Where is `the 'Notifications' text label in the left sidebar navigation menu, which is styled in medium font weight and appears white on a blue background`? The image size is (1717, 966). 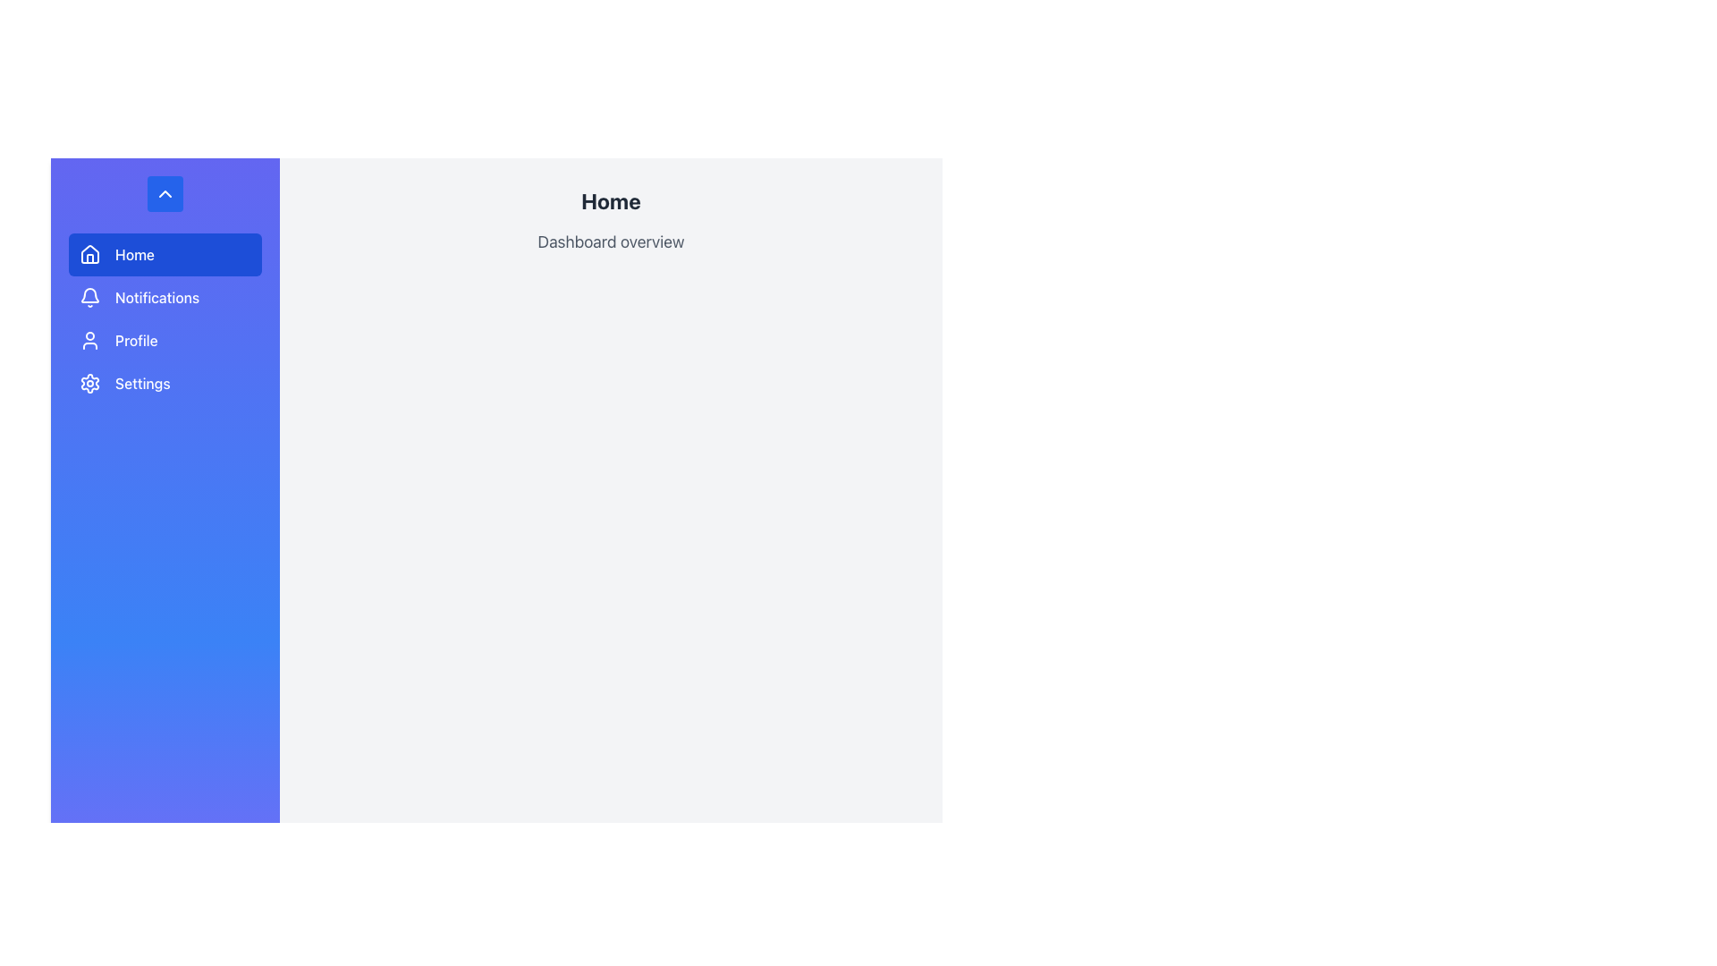
the 'Notifications' text label in the left sidebar navigation menu, which is styled in medium font weight and appears white on a blue background is located at coordinates (157, 296).